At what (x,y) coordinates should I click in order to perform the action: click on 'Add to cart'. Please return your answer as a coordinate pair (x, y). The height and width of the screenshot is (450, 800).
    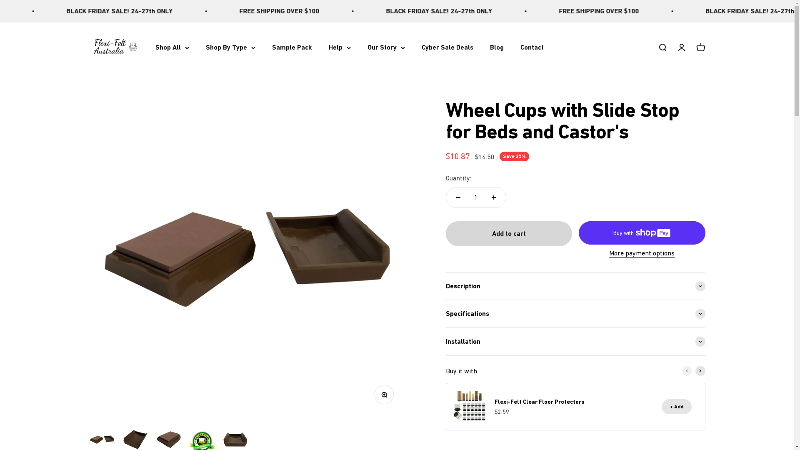
    Looking at the image, I should click on (508, 233).